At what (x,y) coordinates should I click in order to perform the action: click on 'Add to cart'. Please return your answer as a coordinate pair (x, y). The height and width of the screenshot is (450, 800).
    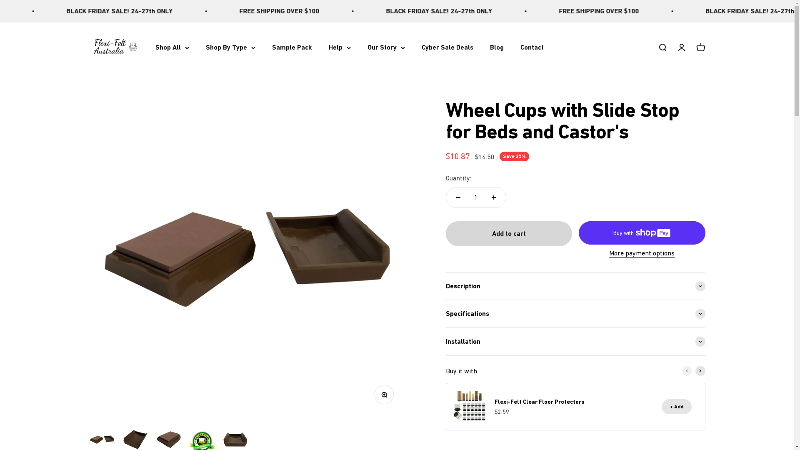
    Looking at the image, I should click on (508, 233).